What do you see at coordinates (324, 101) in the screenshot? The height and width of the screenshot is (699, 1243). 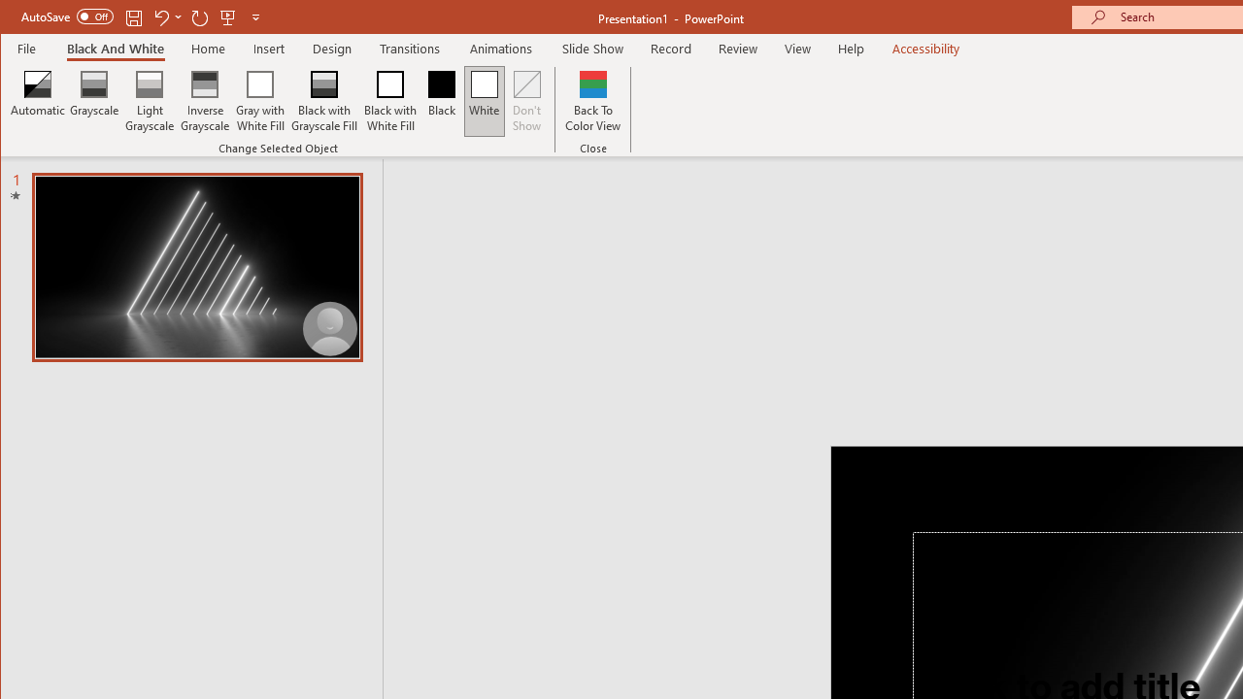 I see `'Black with Grayscale Fill'` at bounding box center [324, 101].